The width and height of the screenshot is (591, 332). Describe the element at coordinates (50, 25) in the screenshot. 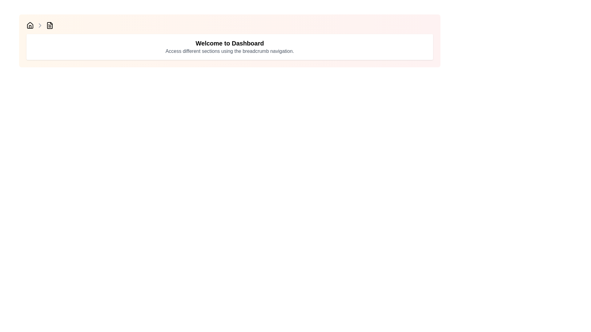

I see `the Icon button in the navigation breadcrumb, which is the second interactive element following the chevron icon (">") and preceding the welcoming dashboard text` at that location.